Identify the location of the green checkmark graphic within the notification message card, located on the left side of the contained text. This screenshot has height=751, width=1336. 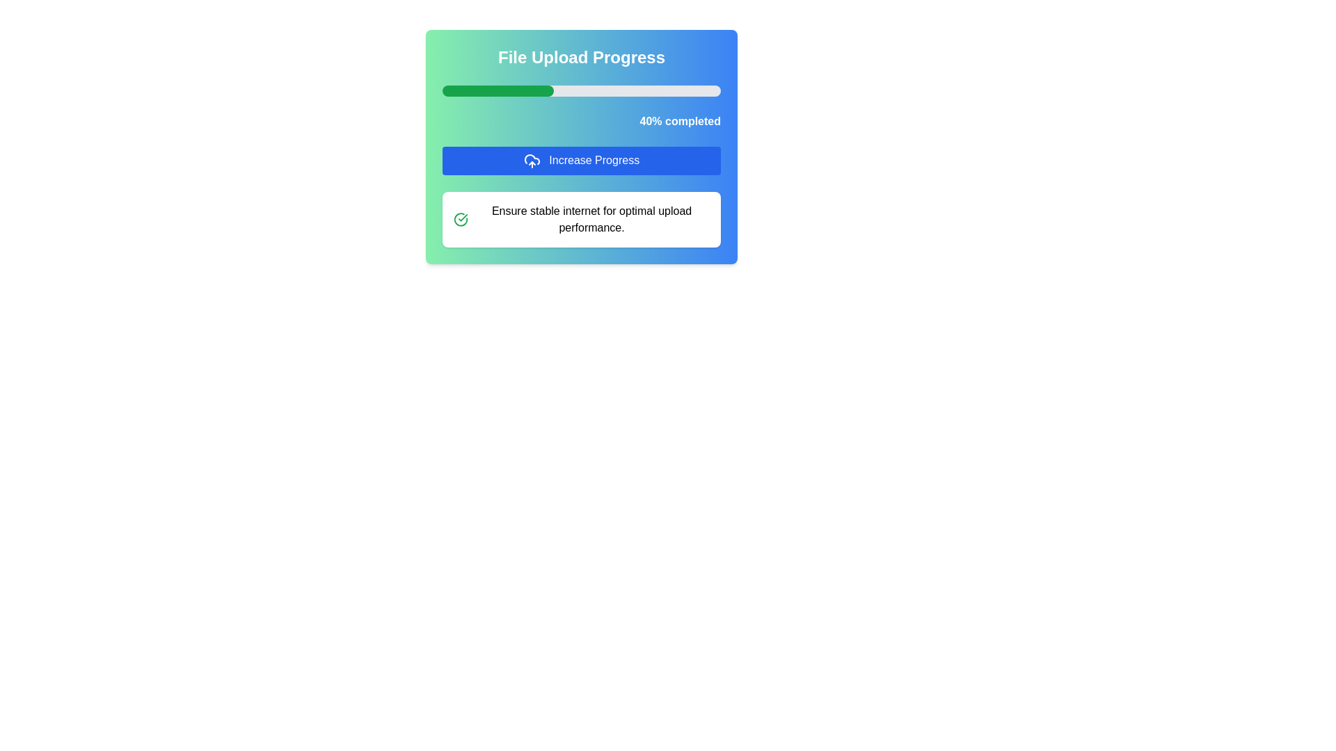
(461, 219).